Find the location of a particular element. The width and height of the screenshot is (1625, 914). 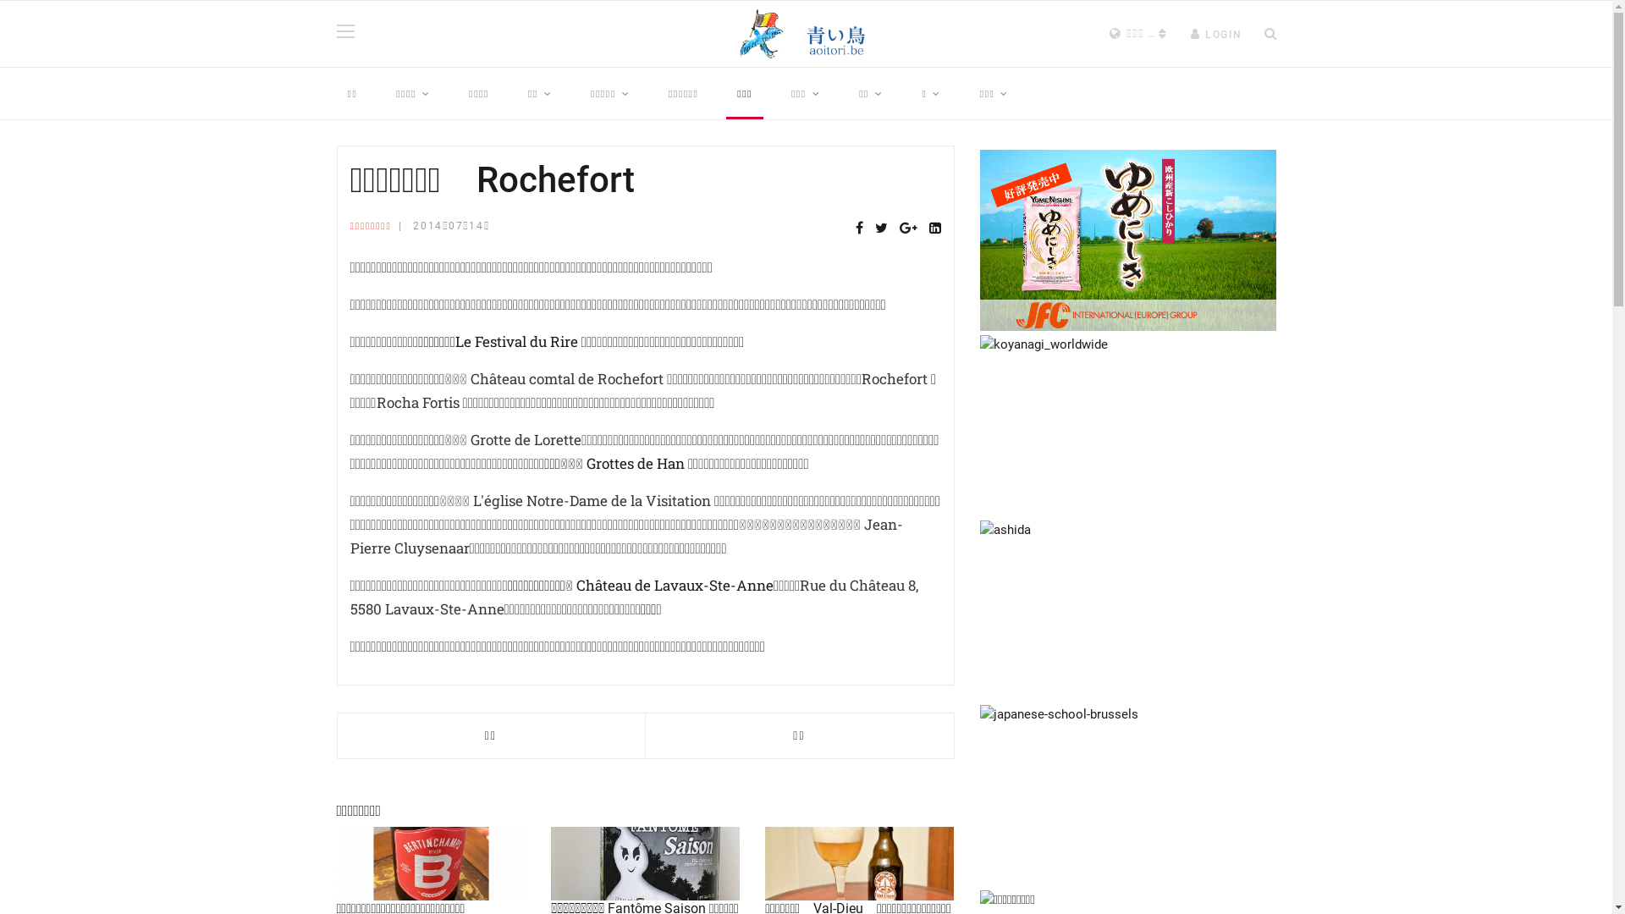

'LOGIN' is located at coordinates (1189, 35).